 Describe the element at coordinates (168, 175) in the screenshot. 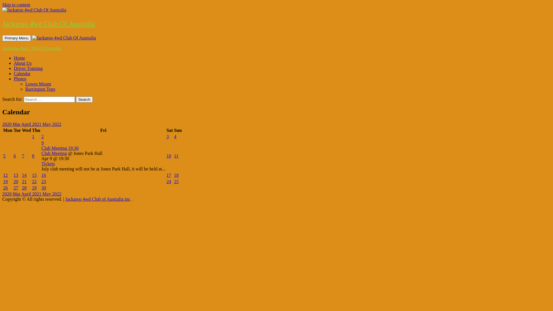

I see `'17'` at that location.